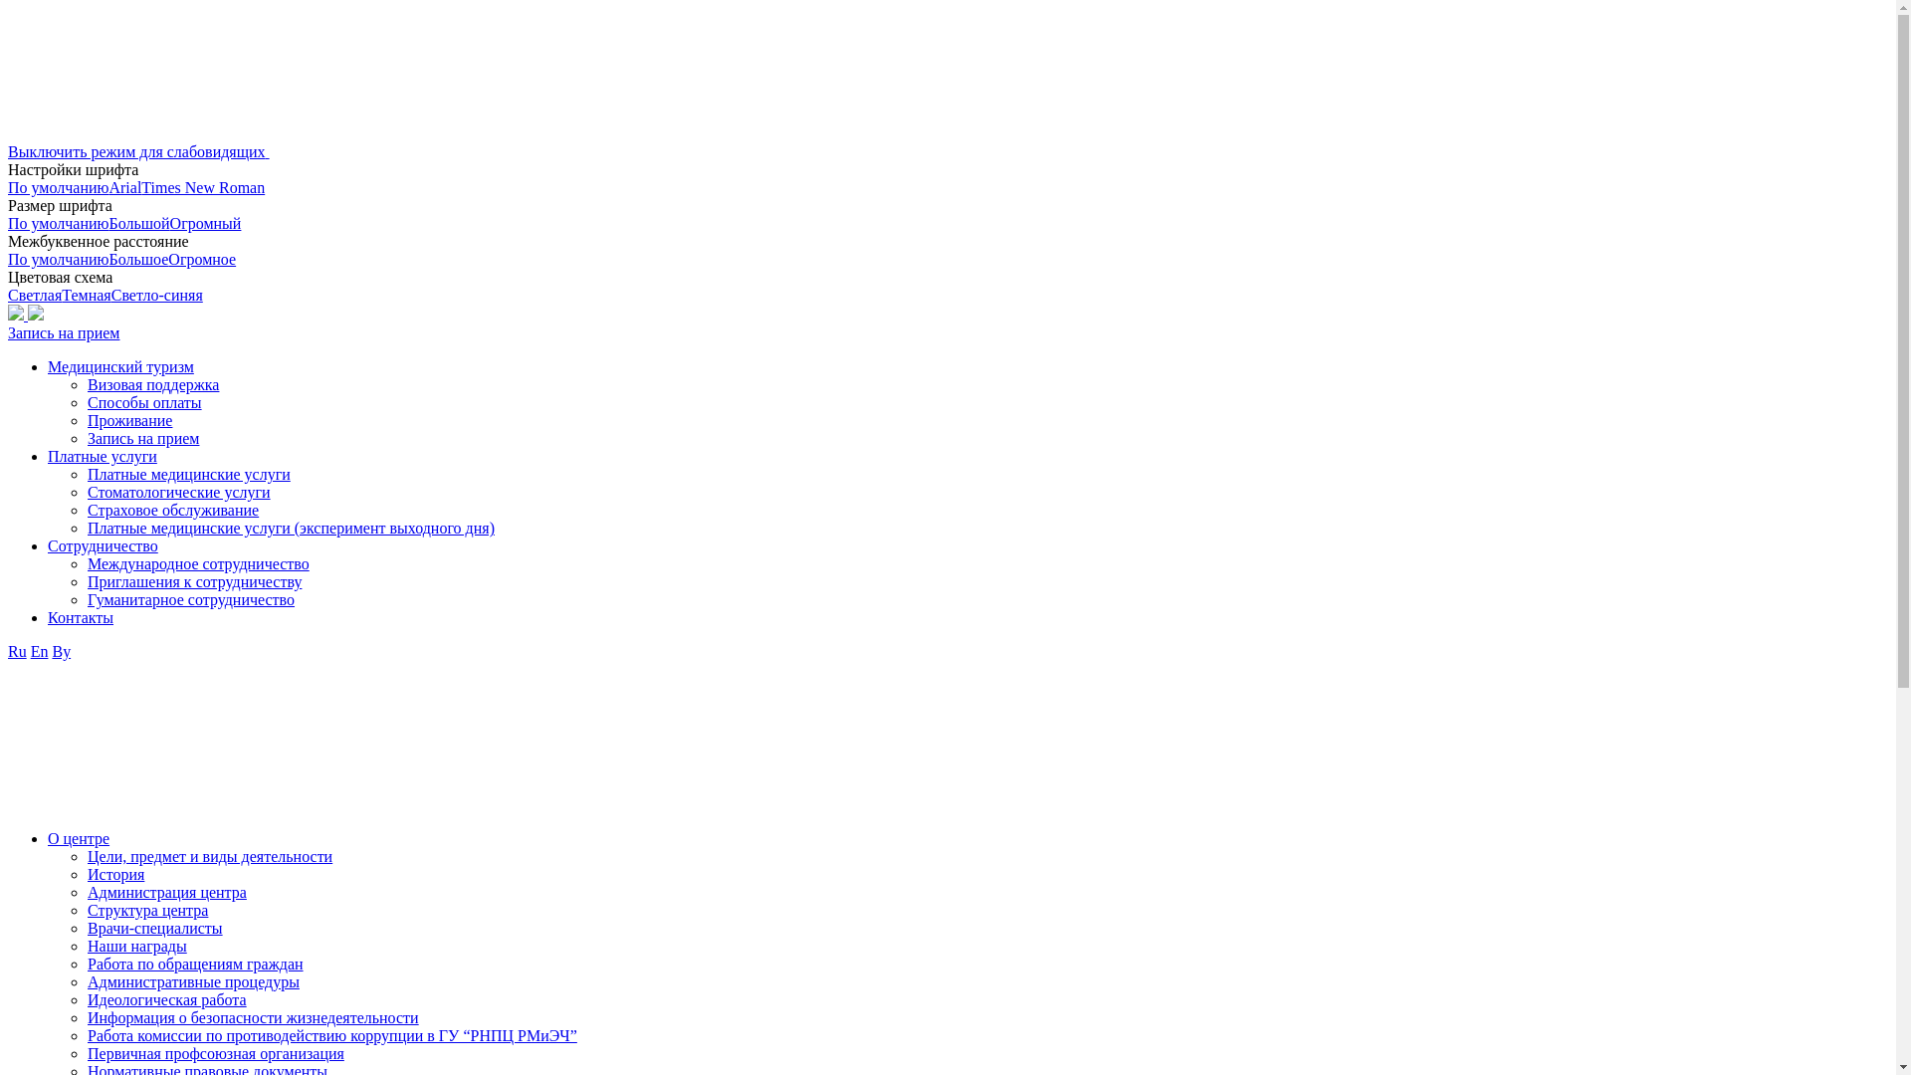  Describe the element at coordinates (61, 651) in the screenshot. I see `'By'` at that location.